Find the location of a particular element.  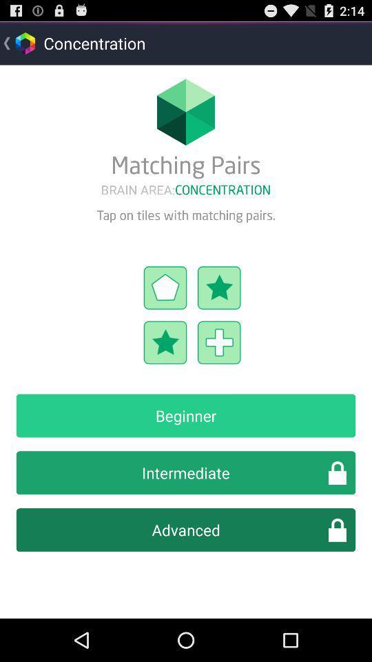

icon above intermediate icon is located at coordinates (186, 414).